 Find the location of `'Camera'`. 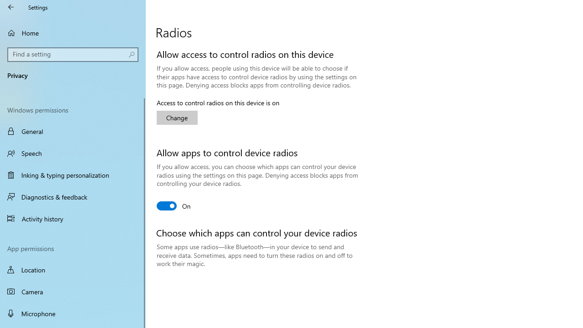

'Camera' is located at coordinates (73, 292).